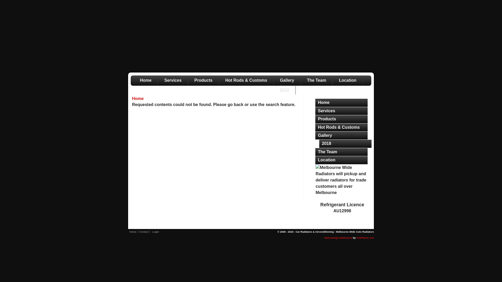 The image size is (502, 282). What do you see at coordinates (365, 238) in the screenshot?
I see `'TeePlates.com'` at bounding box center [365, 238].